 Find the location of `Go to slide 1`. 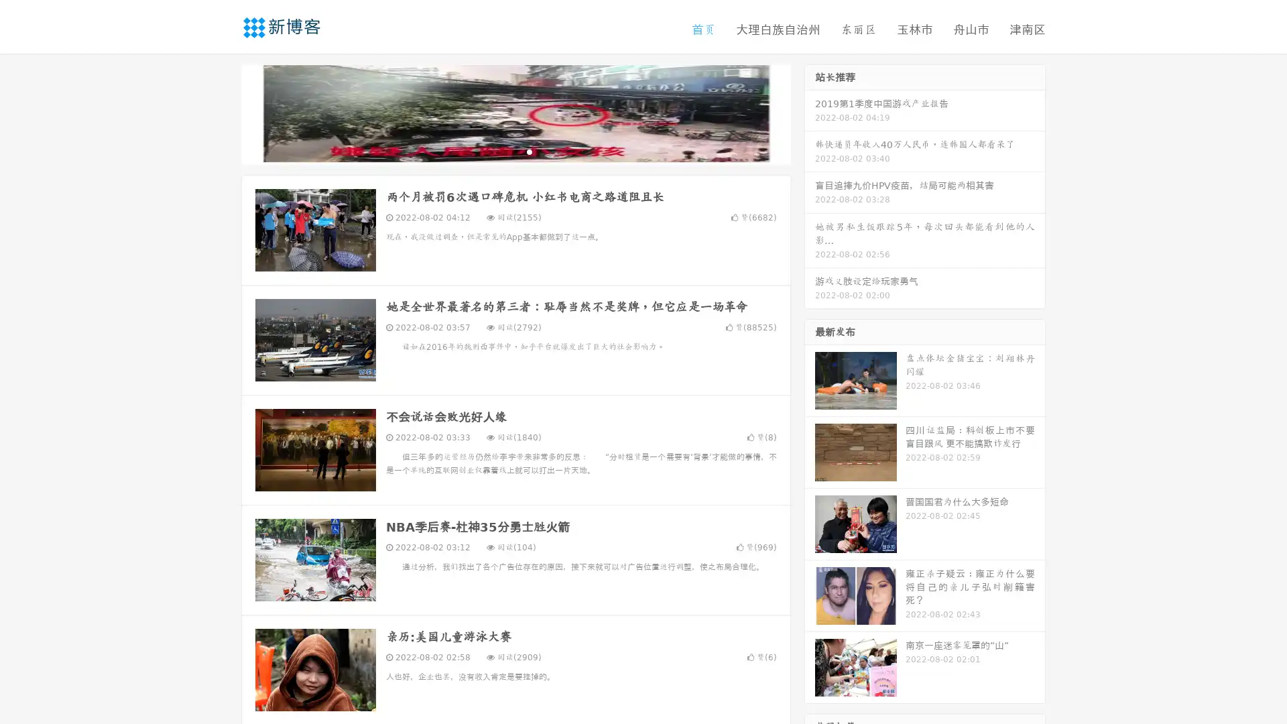

Go to slide 1 is located at coordinates (501, 151).